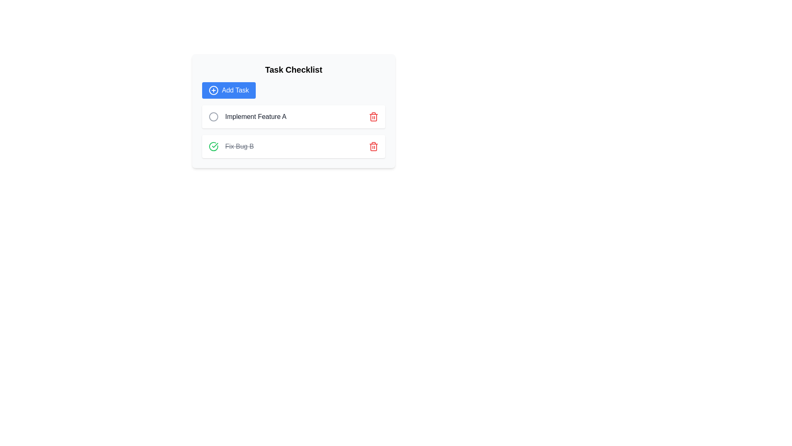 The image size is (792, 446). I want to click on the 'Add Task' icon, which visually represents the action of adding a new task, located on the left side of the 'Add Task' button, so click(214, 90).